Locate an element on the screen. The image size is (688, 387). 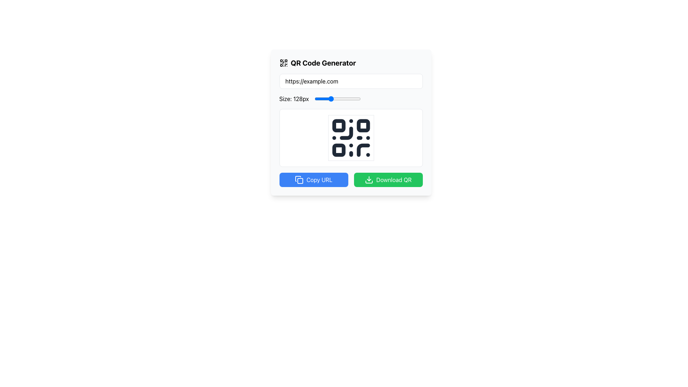
the graphical part of the QR code located at the top-left corner of the QR code visual in the middle of the panel is located at coordinates (338, 125).